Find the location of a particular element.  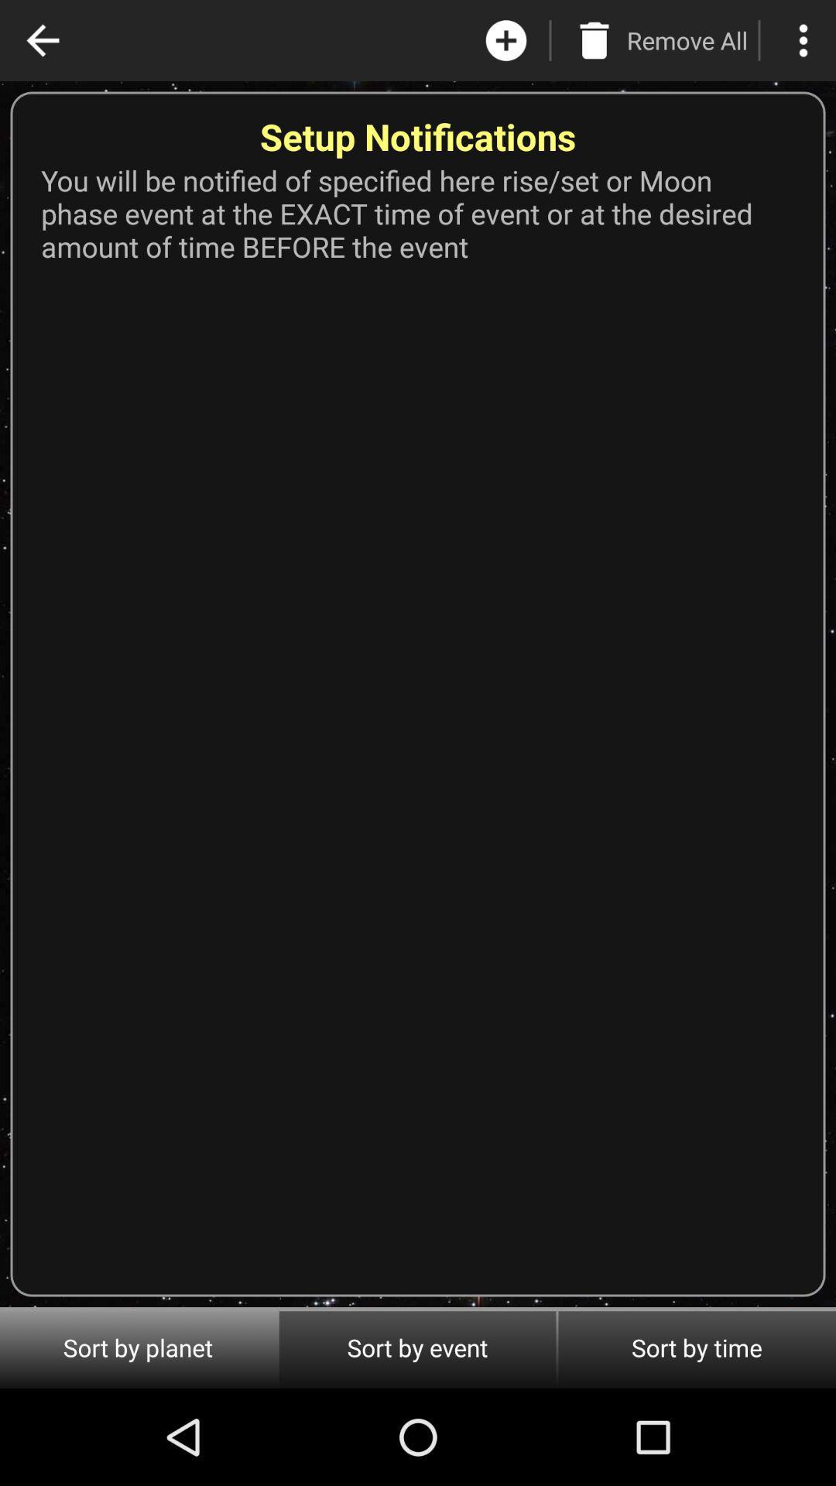

the delete icon is located at coordinates (593, 40).